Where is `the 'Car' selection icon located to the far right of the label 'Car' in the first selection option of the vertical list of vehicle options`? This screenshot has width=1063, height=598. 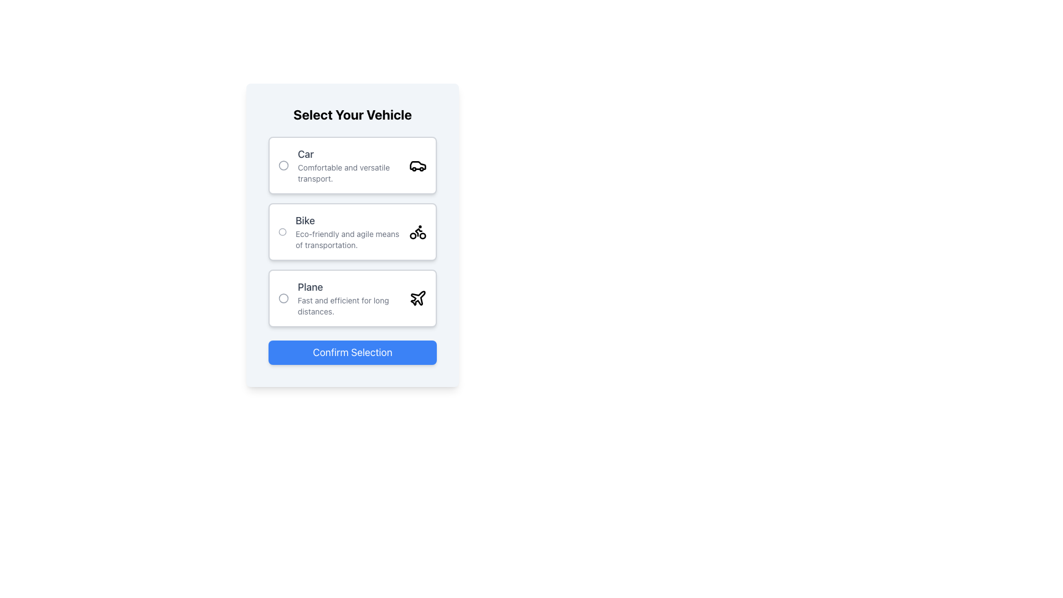
the 'Car' selection icon located to the far right of the label 'Car' in the first selection option of the vertical list of vehicle options is located at coordinates (417, 166).